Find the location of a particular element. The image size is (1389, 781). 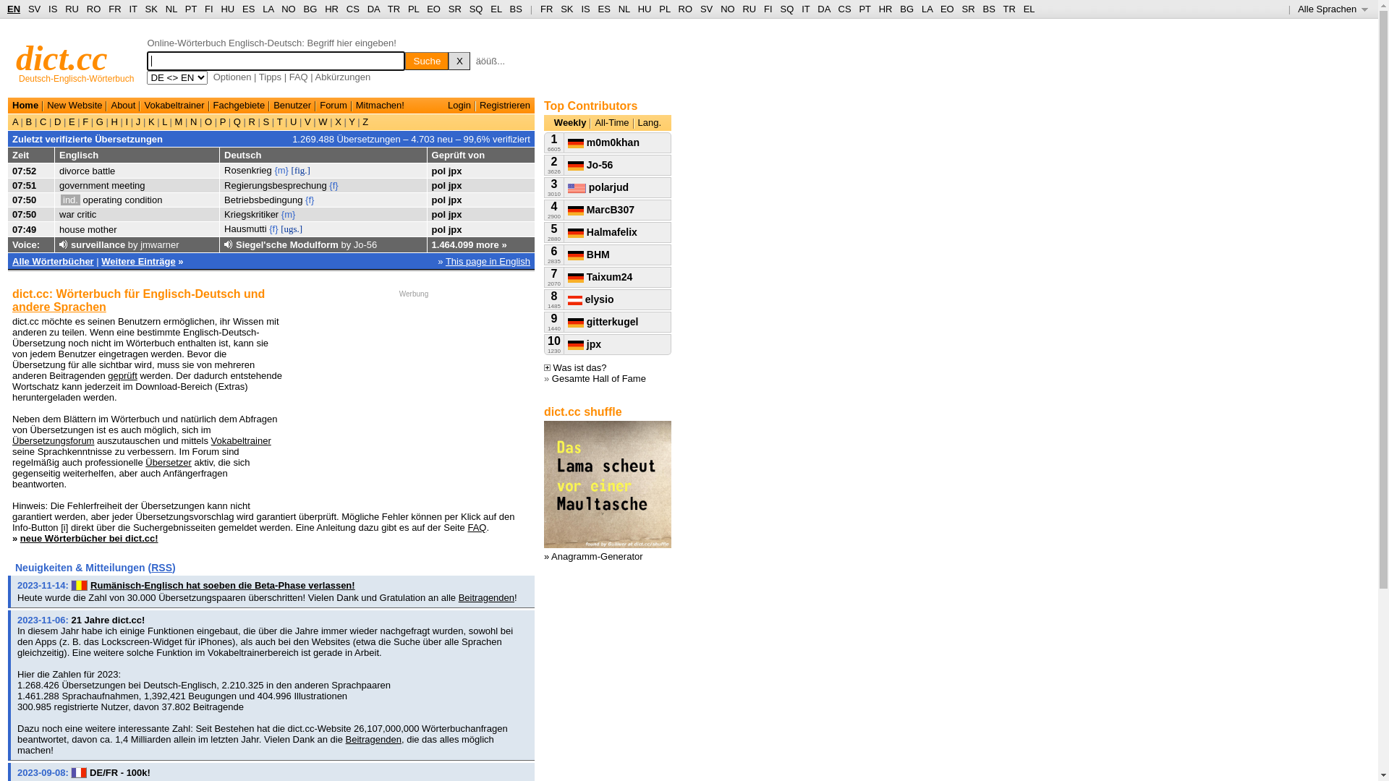

'Z' is located at coordinates (365, 121).